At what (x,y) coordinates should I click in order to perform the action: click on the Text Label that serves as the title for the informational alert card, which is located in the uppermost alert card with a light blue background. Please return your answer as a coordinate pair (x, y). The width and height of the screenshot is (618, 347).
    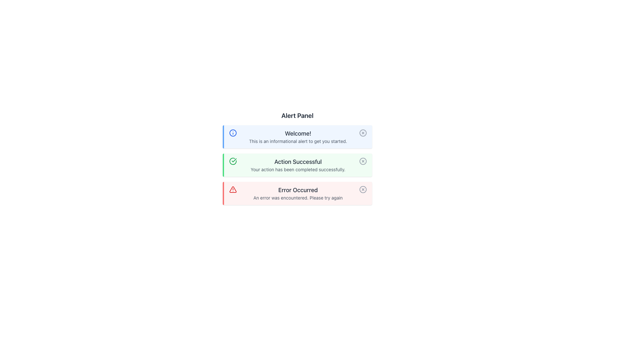
    Looking at the image, I should click on (298, 133).